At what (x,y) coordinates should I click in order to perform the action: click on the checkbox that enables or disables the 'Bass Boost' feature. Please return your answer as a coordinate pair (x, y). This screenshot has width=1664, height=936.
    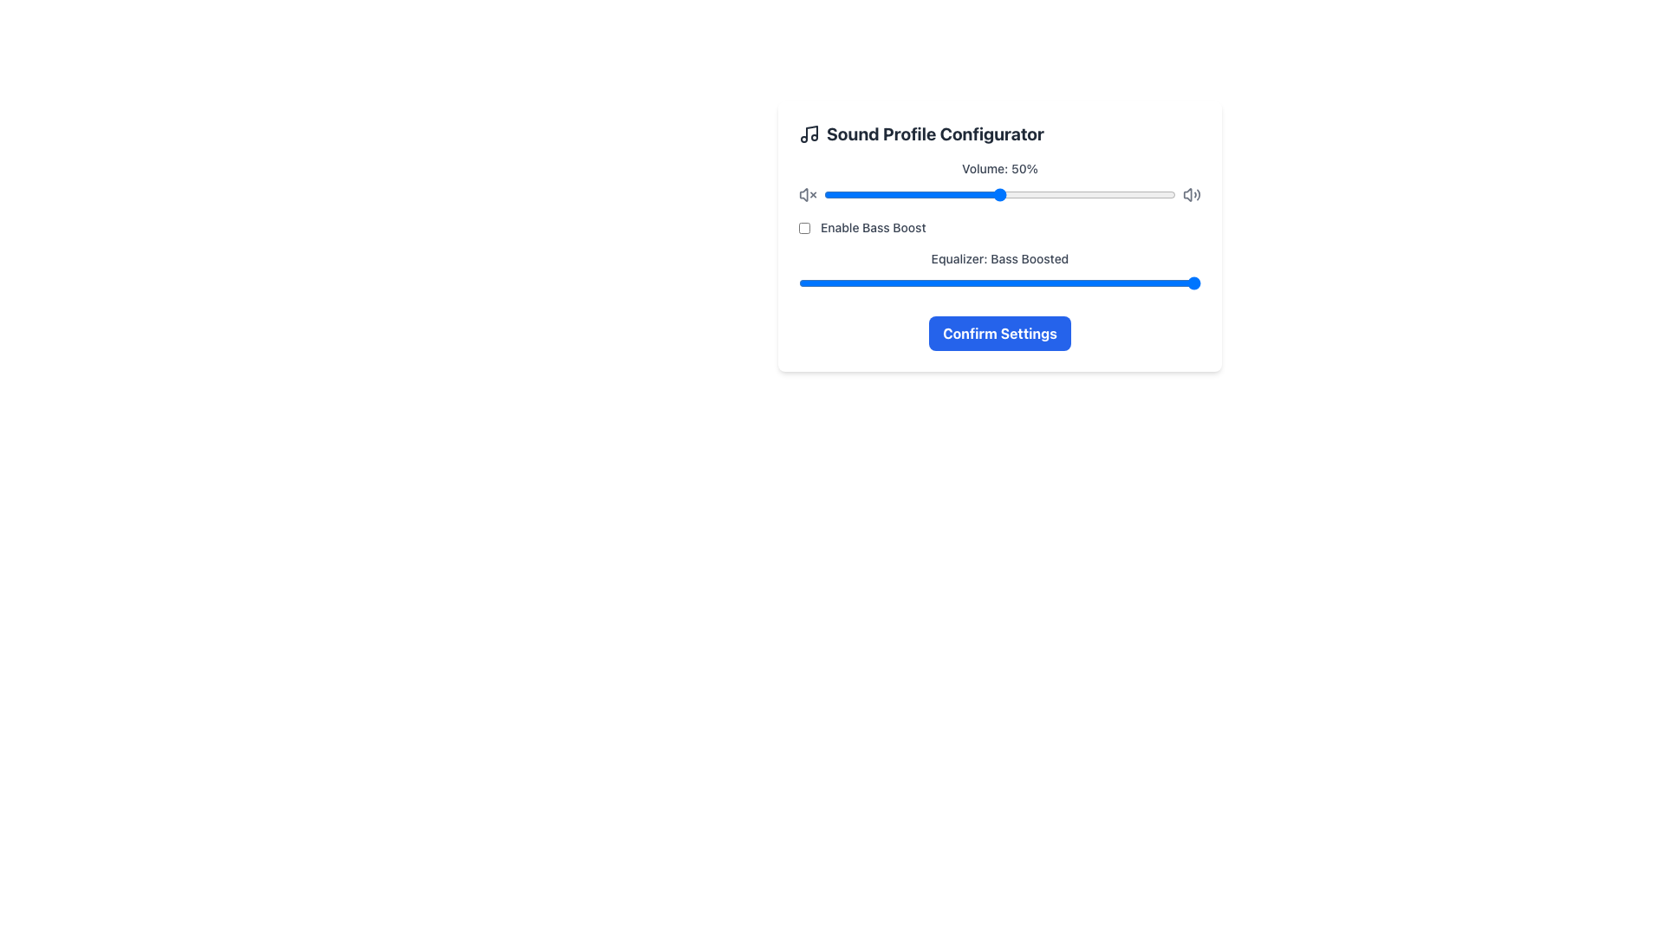
    Looking at the image, I should click on (803, 226).